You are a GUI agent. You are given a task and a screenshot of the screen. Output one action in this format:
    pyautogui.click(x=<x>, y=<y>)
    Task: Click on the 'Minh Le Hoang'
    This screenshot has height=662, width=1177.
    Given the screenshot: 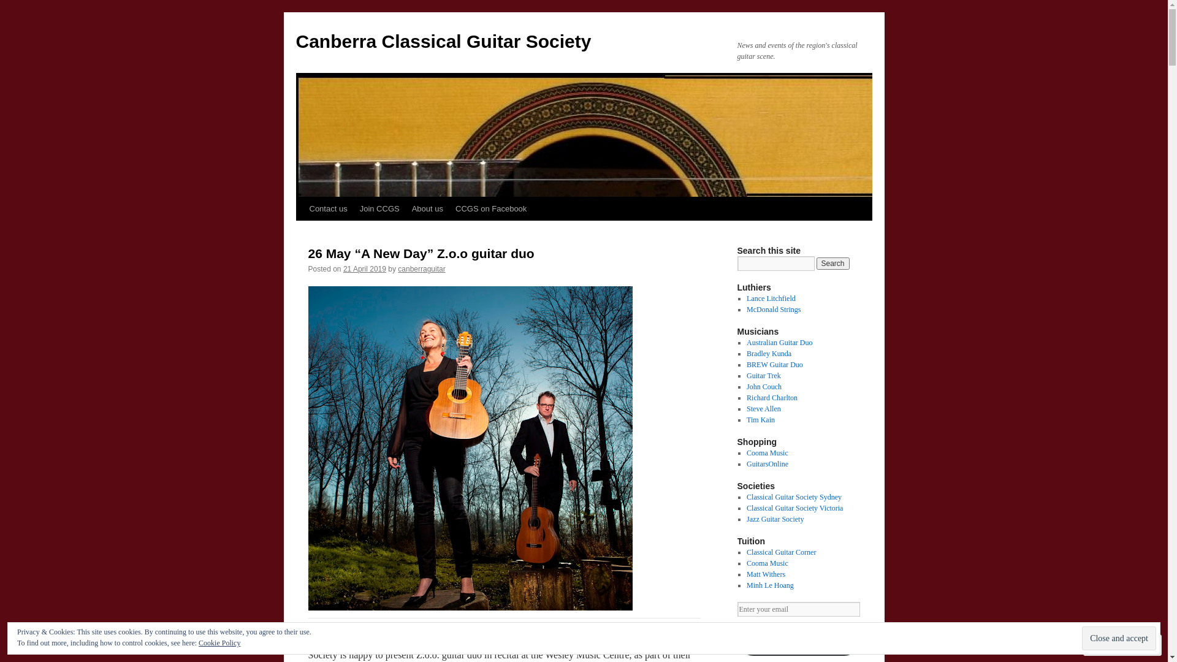 What is the action you would take?
    pyautogui.click(x=769, y=585)
    